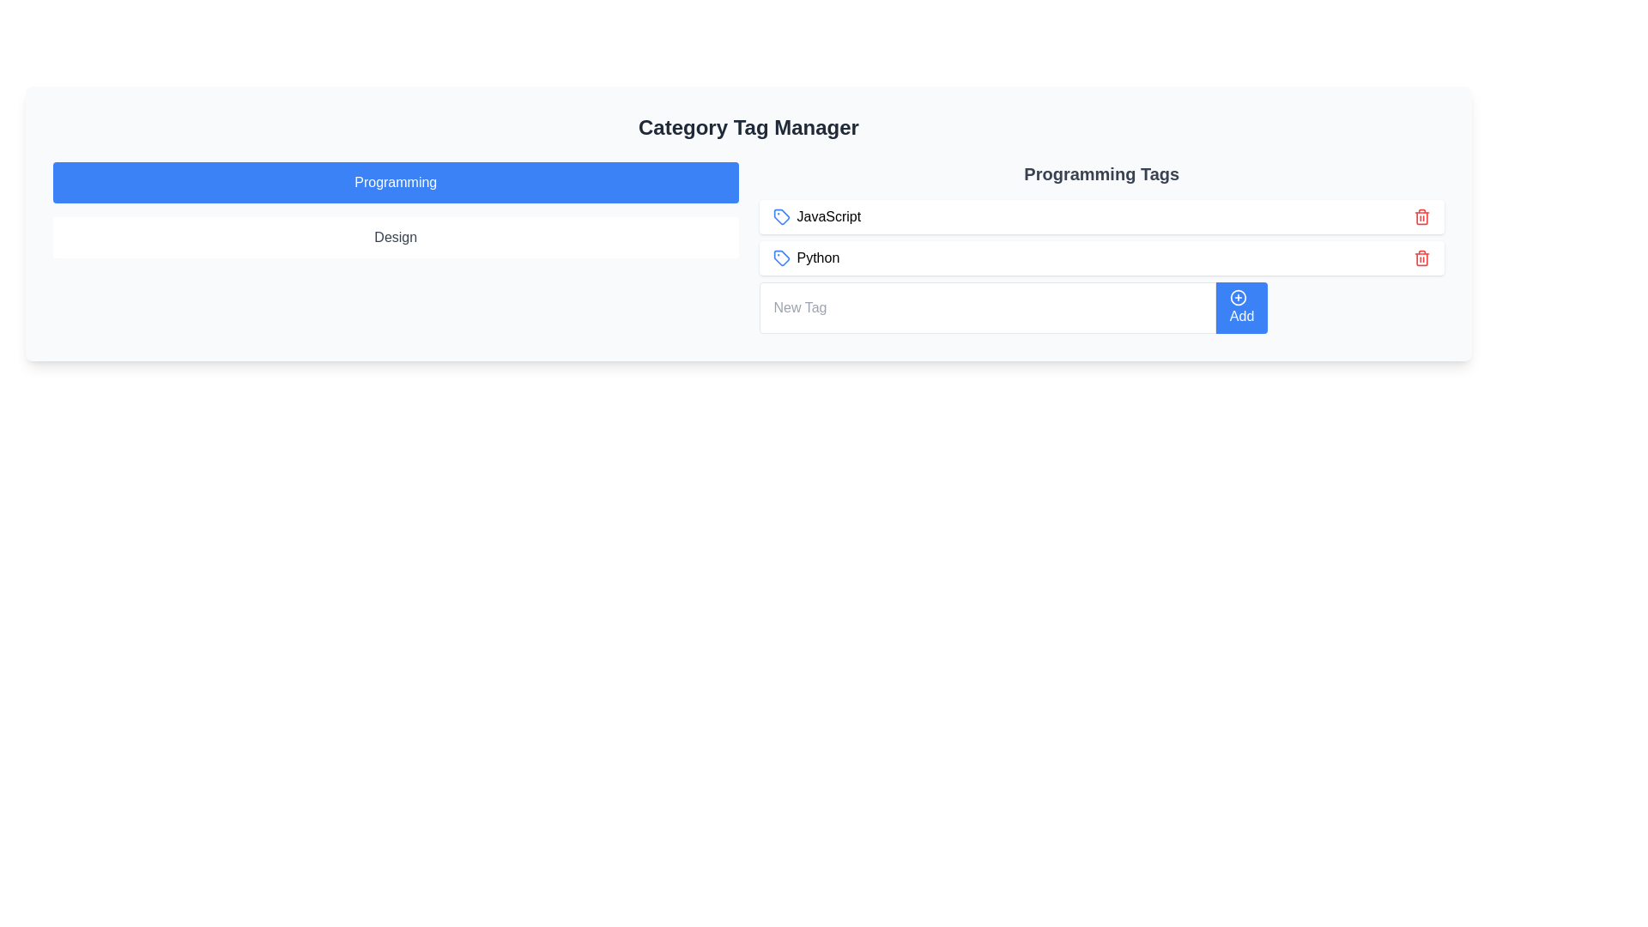 The width and height of the screenshot is (1648, 927). What do you see at coordinates (780, 216) in the screenshot?
I see `the 'JavaScript' tag icon in the 'Programming Tags' section of the interface` at bounding box center [780, 216].